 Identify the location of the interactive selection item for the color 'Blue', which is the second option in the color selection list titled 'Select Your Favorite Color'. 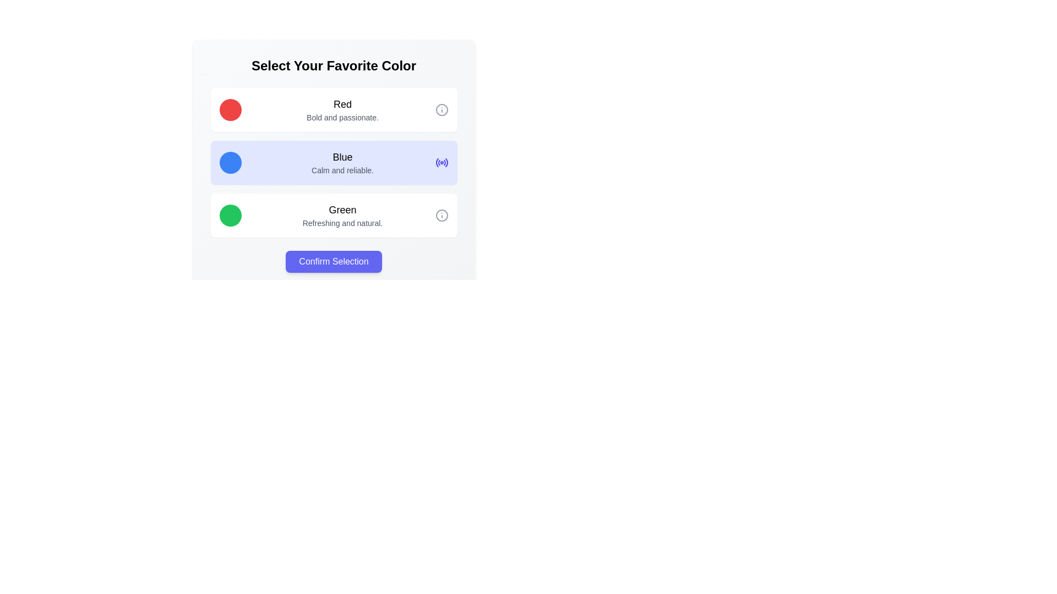
(333, 165).